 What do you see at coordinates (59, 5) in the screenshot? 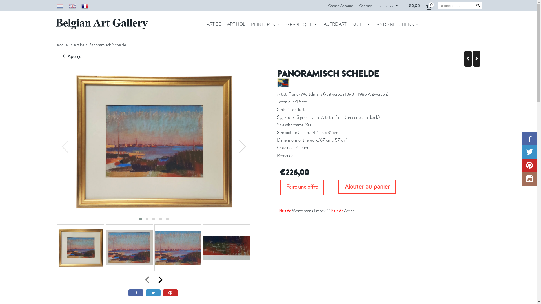
I see `'Nederlands'` at bounding box center [59, 5].